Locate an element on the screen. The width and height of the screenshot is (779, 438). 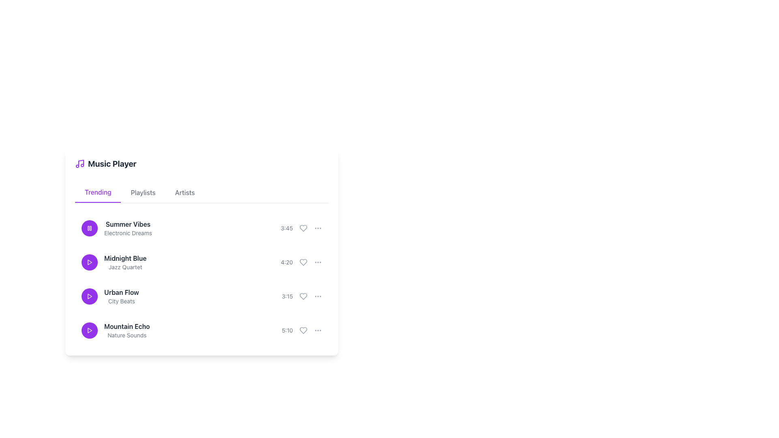
the heart-shaped favorite button located to the right of the duration '3:45' in the music player list to mark the song 'Summer Vibes' as a favorite is located at coordinates (303, 228).